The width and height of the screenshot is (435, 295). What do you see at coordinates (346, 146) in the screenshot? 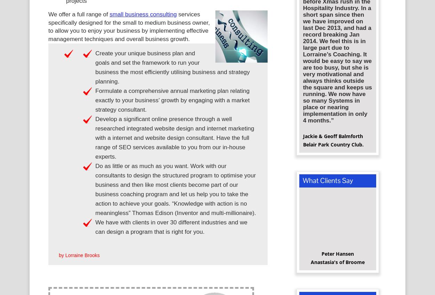
I see `'Country Club.'` at bounding box center [346, 146].